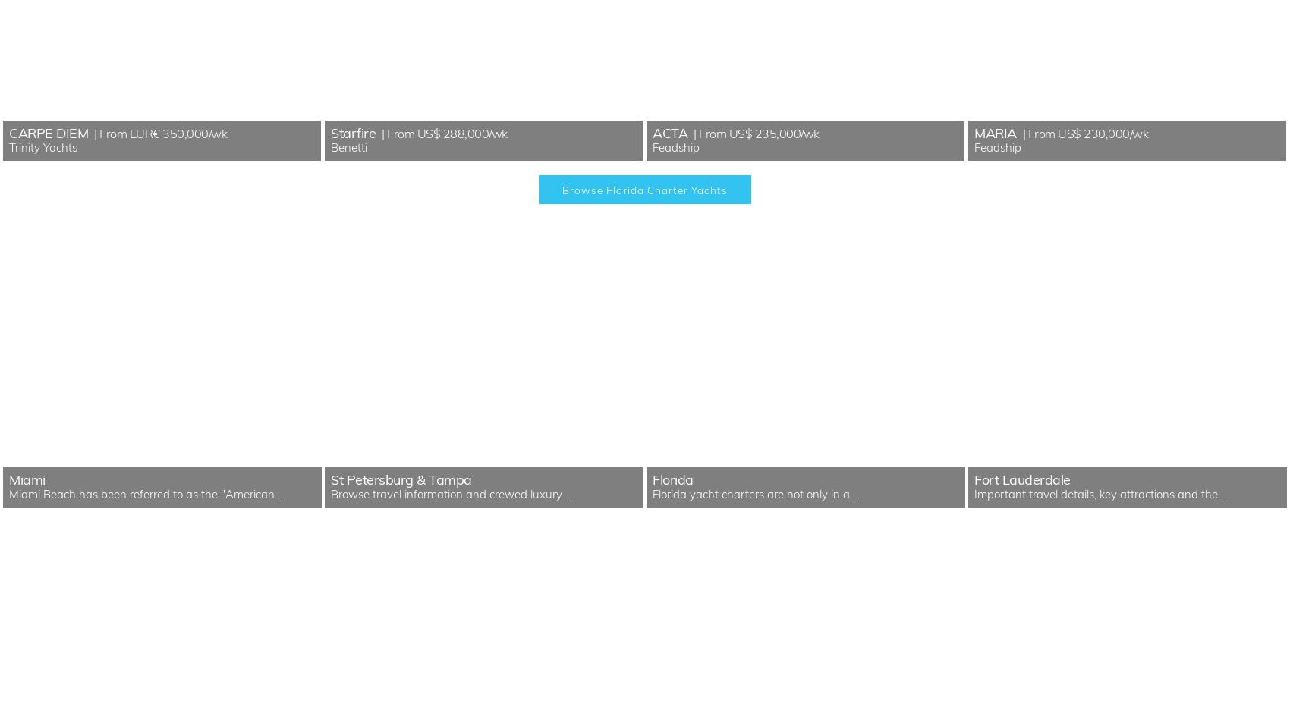 The width and height of the screenshot is (1290, 726). I want to click on '| From US$ 235,000/wk', so click(754, 133).